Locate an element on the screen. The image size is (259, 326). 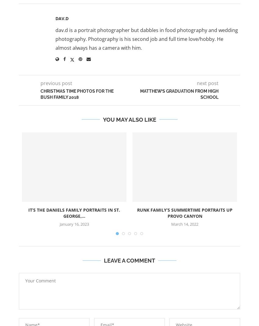
'Christmas Time Photos for the Bush Family 2018' is located at coordinates (77, 94).